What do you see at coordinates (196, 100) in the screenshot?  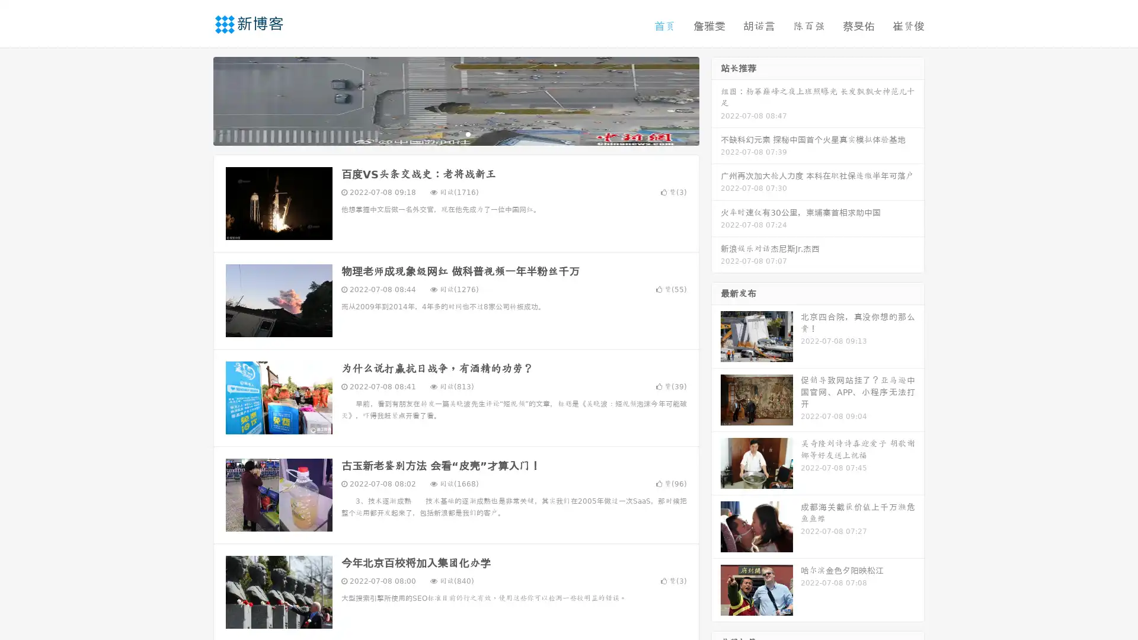 I see `Previous slide` at bounding box center [196, 100].